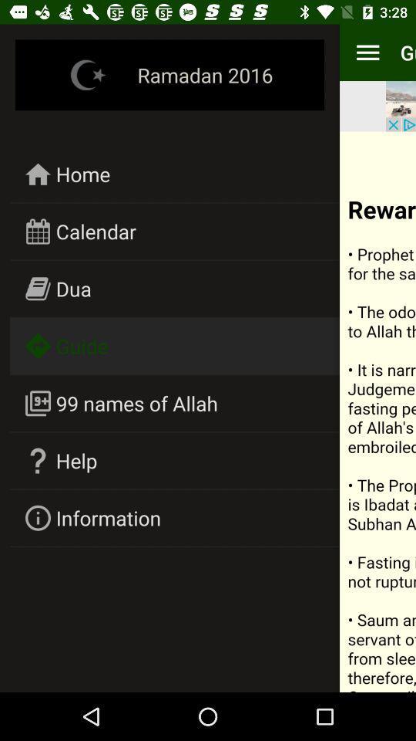 The image size is (416, 741). What do you see at coordinates (401, 105) in the screenshot?
I see `open advertisement` at bounding box center [401, 105].